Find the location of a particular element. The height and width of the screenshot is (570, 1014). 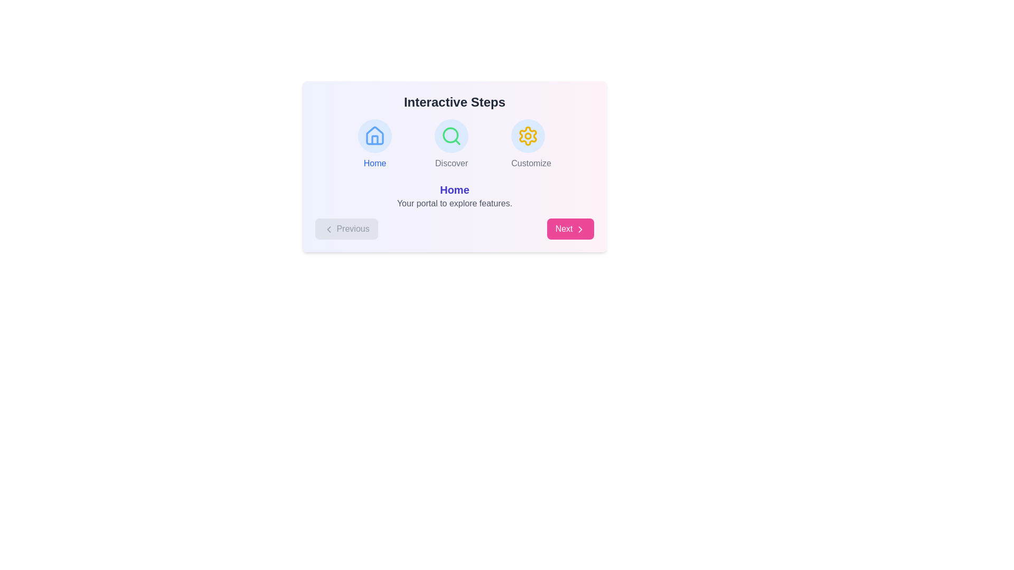

the text label located directly underneath the yellow gear icon in the 'Interactive Steps' section, which serves as a descriptor for the customization feature is located at coordinates (531, 163).